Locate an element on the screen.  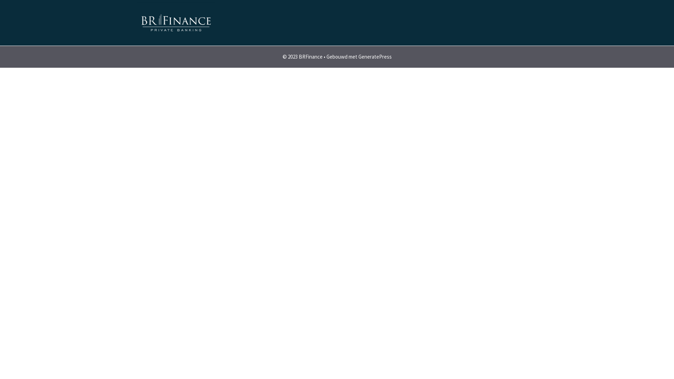
'GeneratePress' is located at coordinates (374, 56).